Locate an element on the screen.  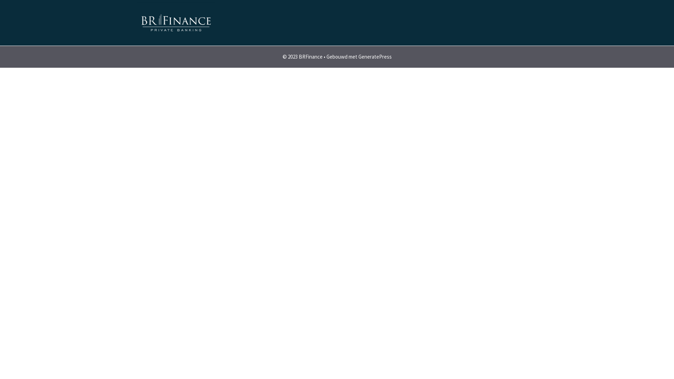
'GeneratePress' is located at coordinates (374, 56).